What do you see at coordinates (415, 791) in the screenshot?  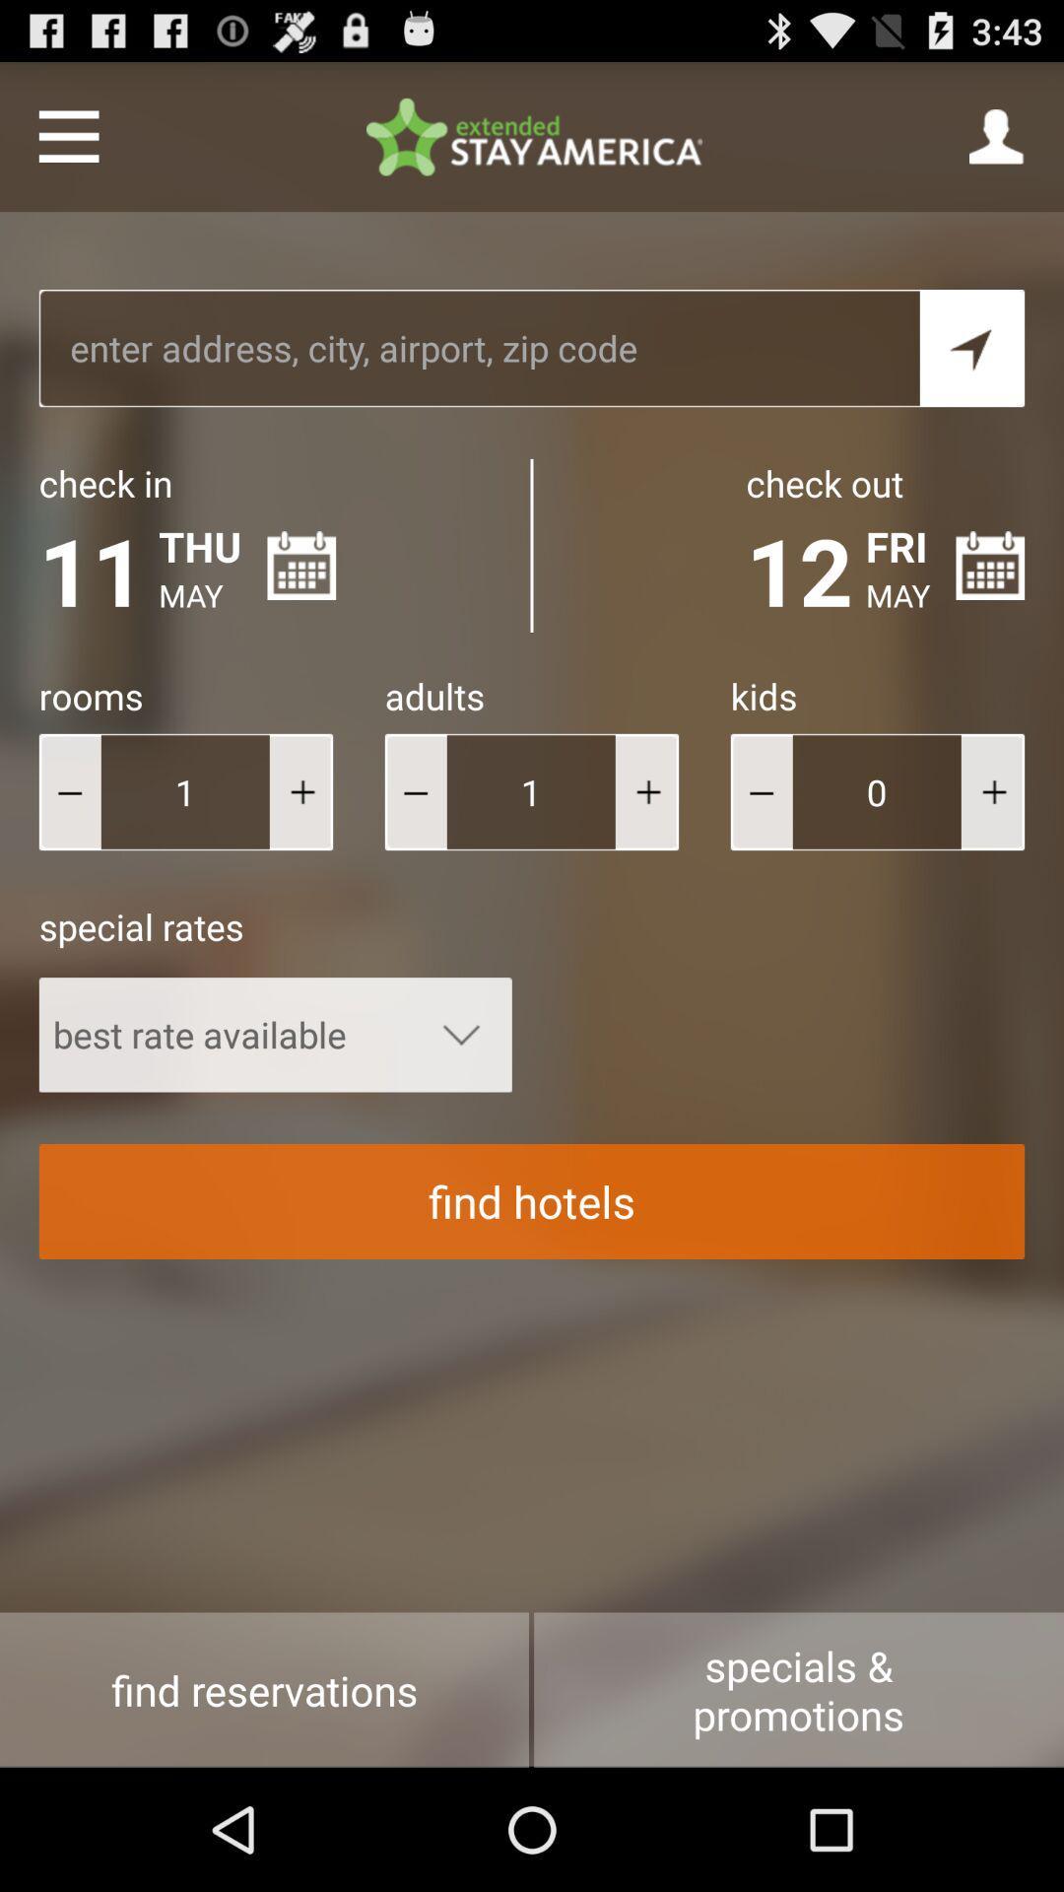 I see `take away adults` at bounding box center [415, 791].